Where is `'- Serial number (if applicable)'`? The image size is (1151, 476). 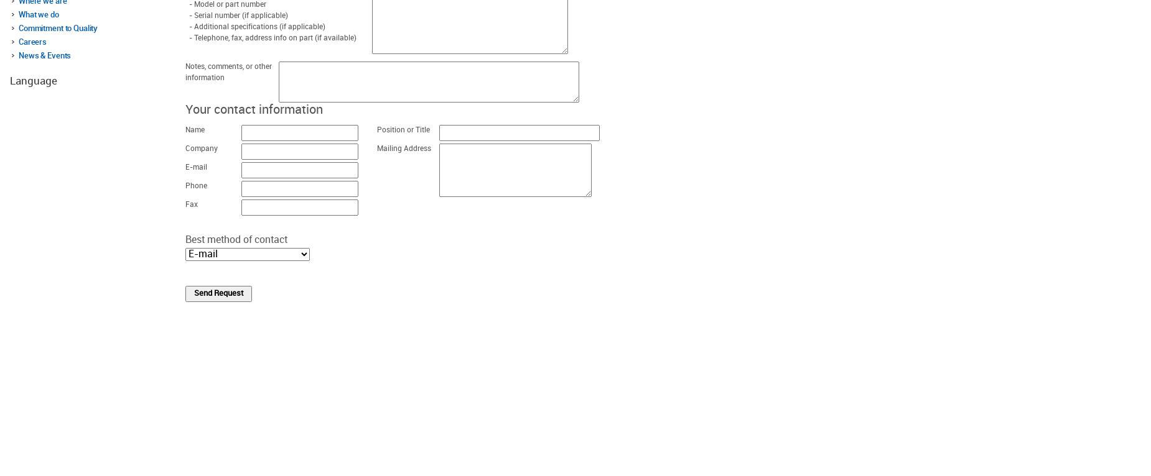
'- Serial number (if applicable)' is located at coordinates (236, 15).